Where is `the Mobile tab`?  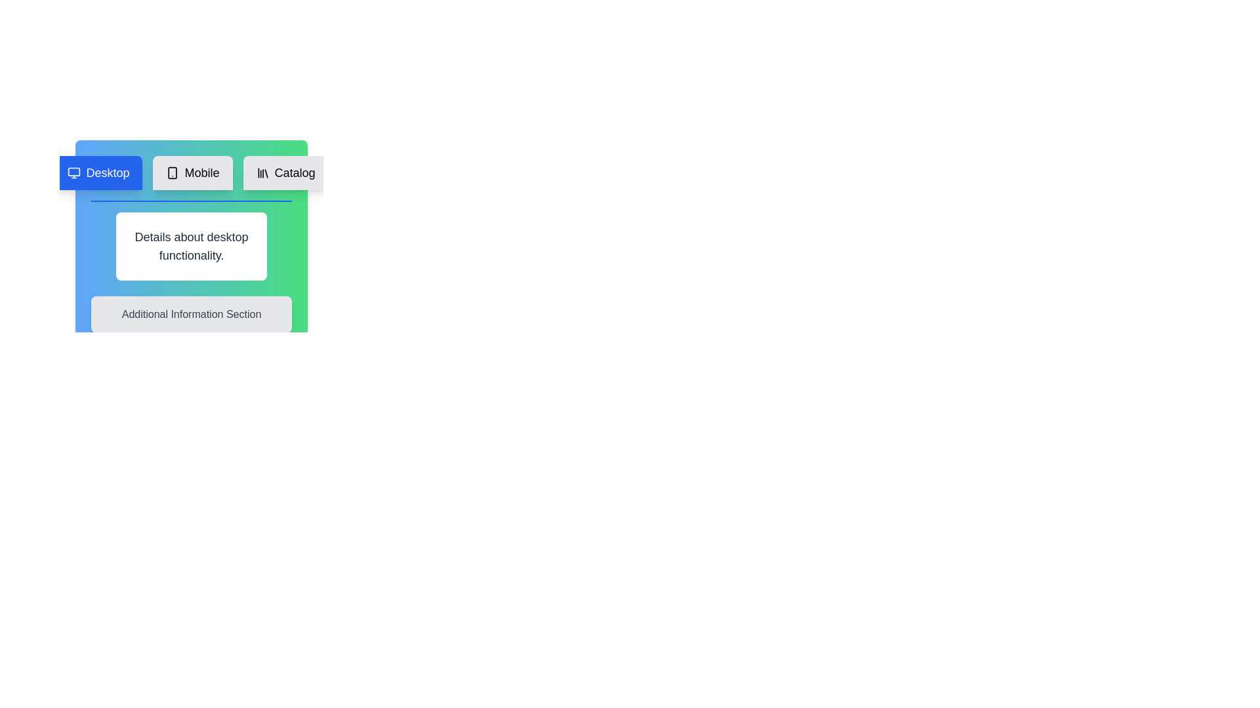 the Mobile tab is located at coordinates (192, 172).